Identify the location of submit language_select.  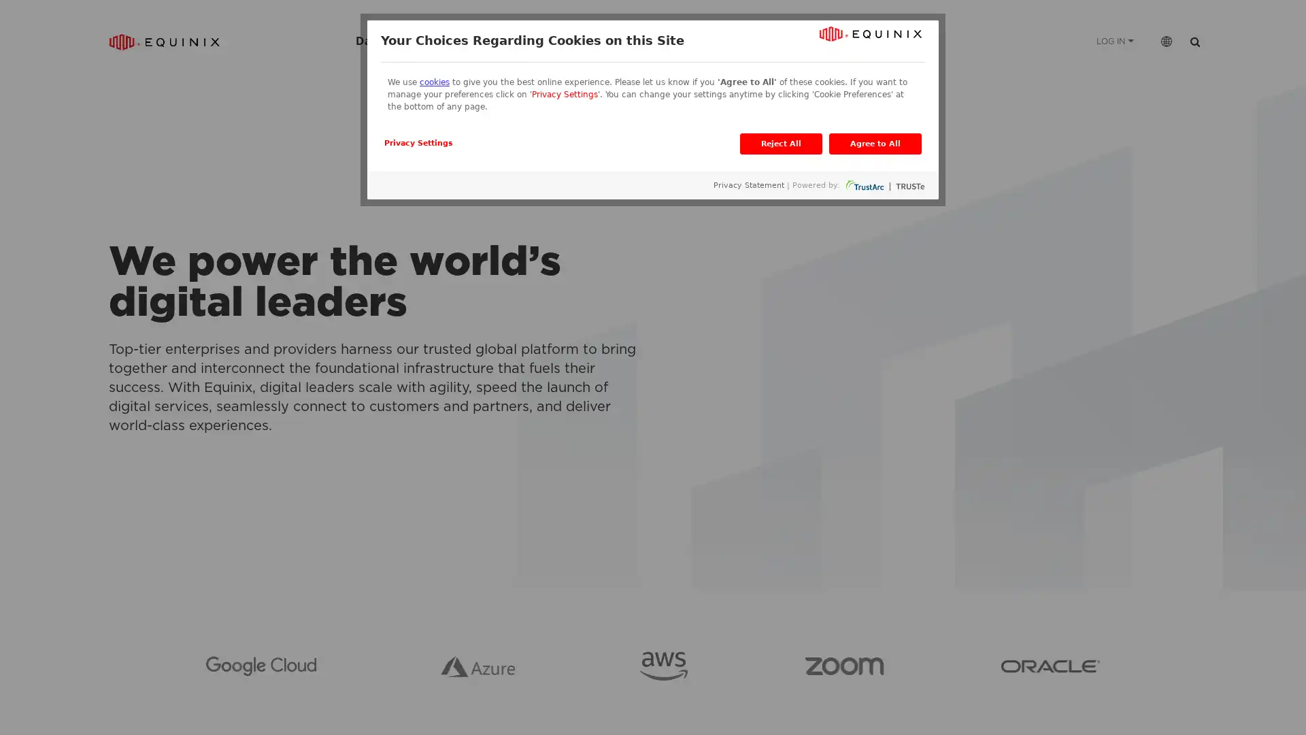
(1165, 40).